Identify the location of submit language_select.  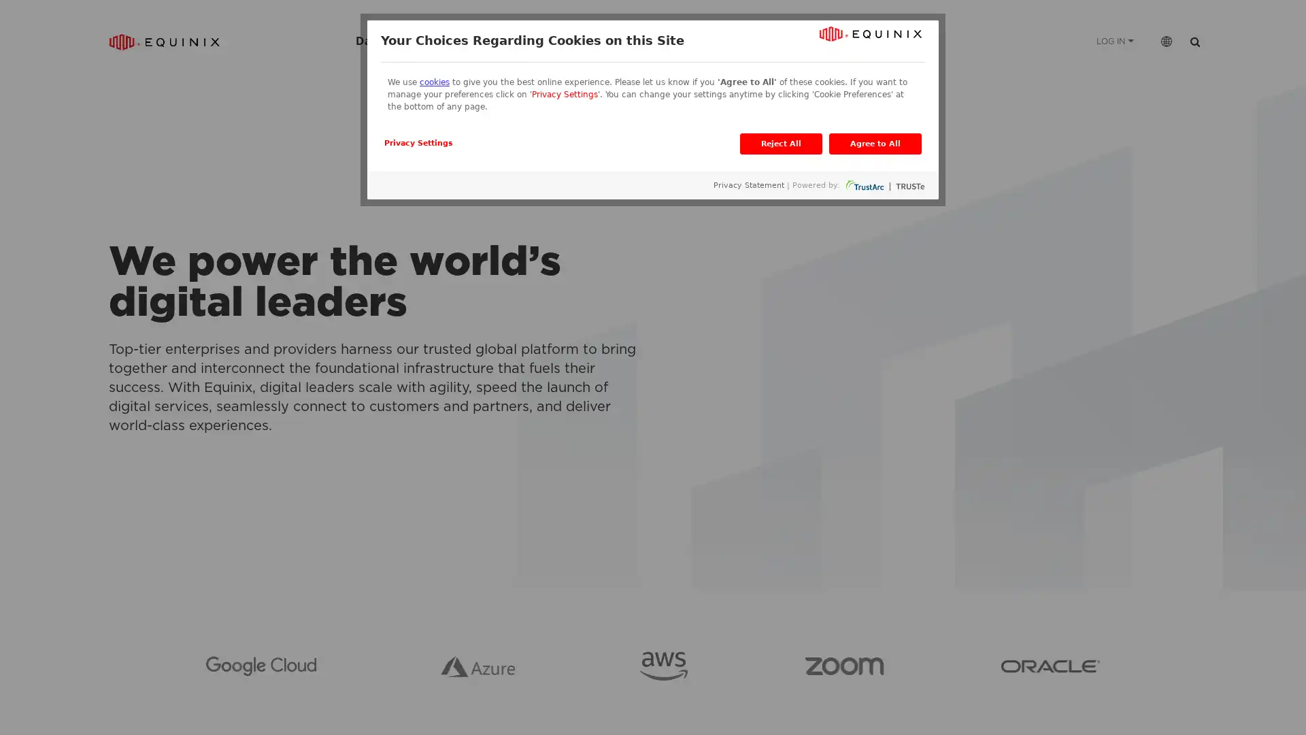
(1165, 40).